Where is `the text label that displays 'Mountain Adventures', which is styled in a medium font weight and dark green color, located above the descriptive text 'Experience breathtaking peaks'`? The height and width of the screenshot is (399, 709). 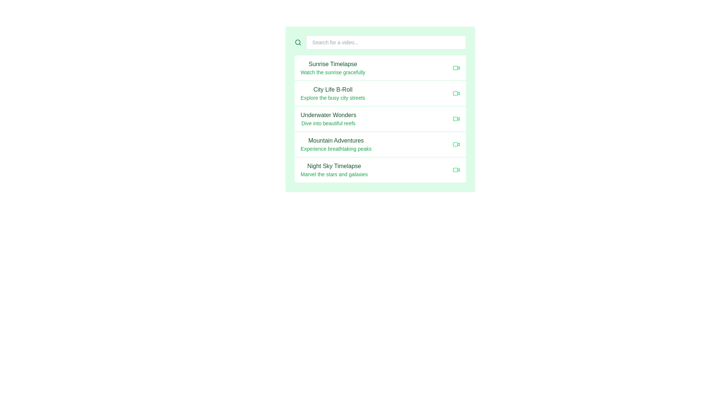 the text label that displays 'Mountain Adventures', which is styled in a medium font weight and dark green color, located above the descriptive text 'Experience breathtaking peaks' is located at coordinates (336, 141).